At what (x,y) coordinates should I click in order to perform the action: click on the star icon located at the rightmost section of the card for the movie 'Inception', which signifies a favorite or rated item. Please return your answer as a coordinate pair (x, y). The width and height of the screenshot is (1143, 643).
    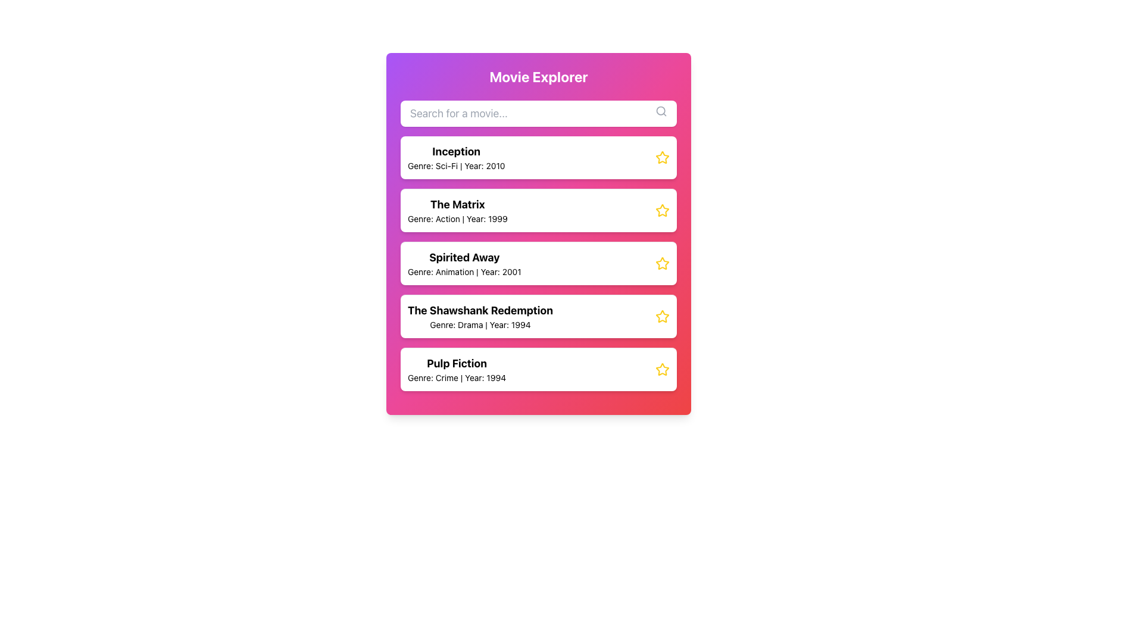
    Looking at the image, I should click on (662, 157).